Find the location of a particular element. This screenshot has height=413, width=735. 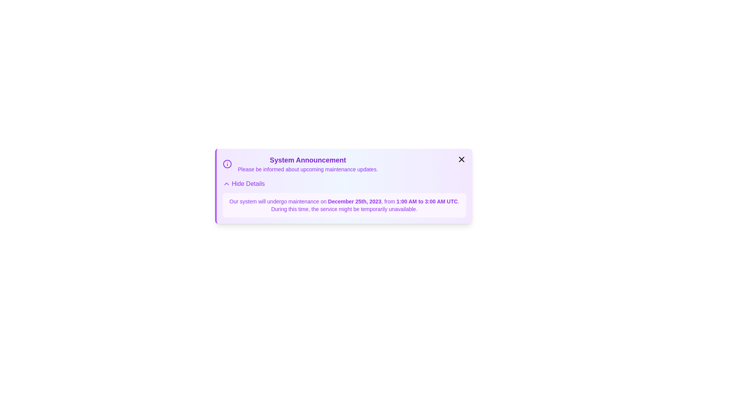

the small upward-pointing chevron SVG icon located to the left of the 'Hide Details' text in the notification interface is located at coordinates (226, 184).